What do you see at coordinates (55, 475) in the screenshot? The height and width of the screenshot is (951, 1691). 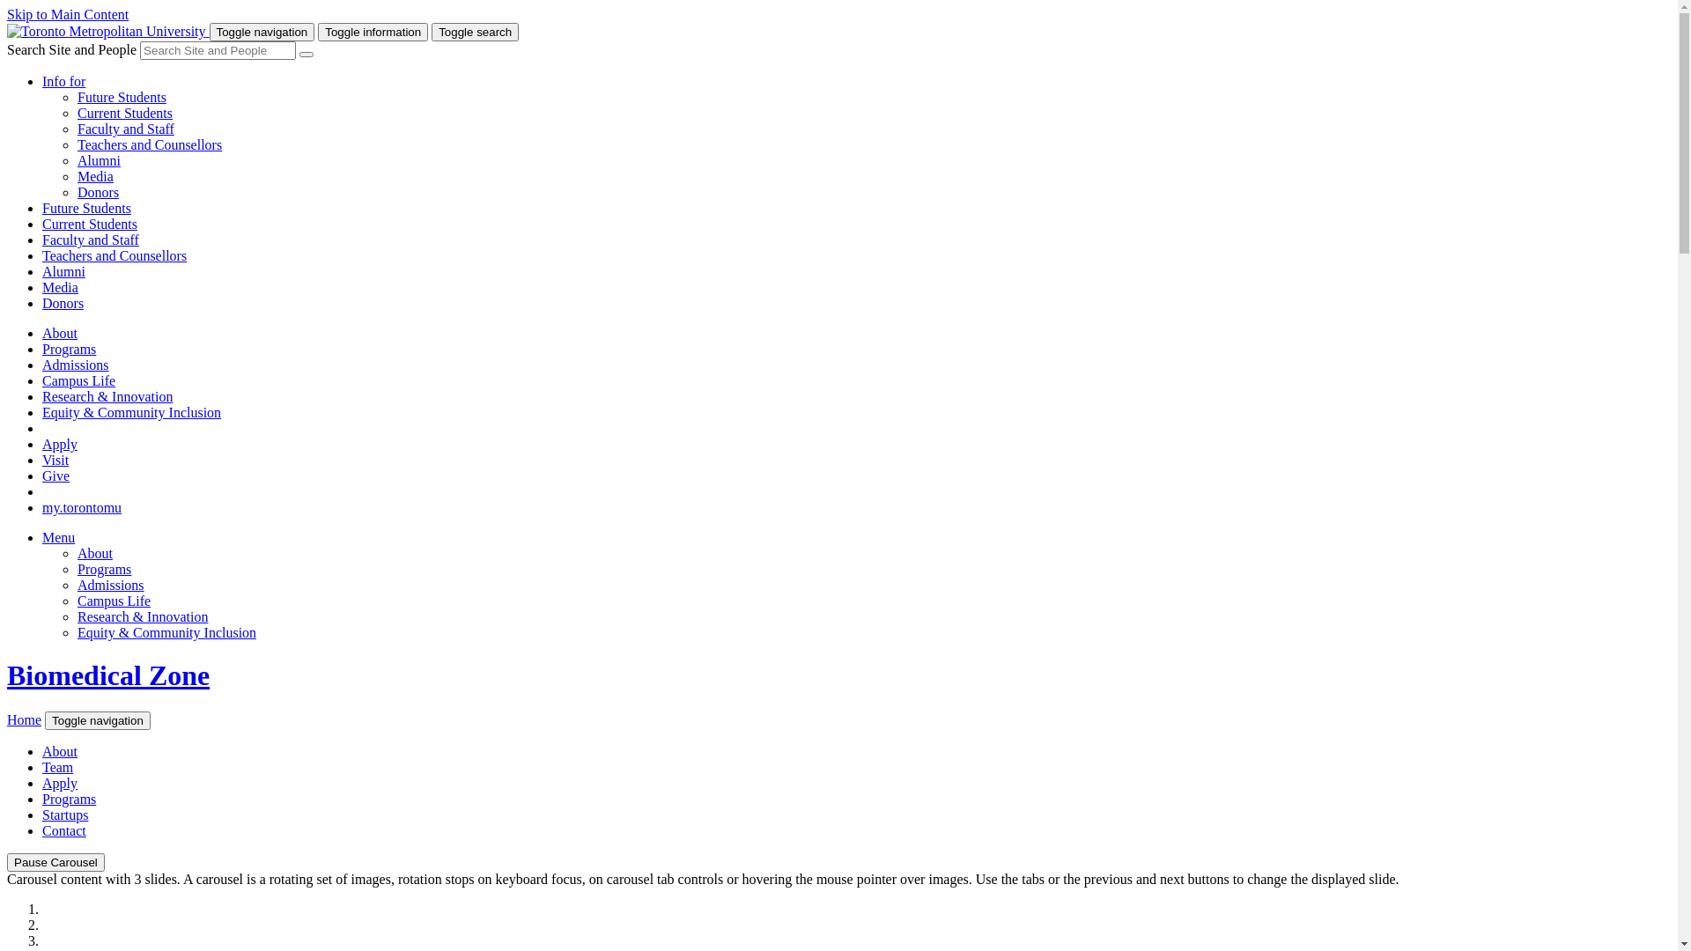 I see `'Give'` at bounding box center [55, 475].